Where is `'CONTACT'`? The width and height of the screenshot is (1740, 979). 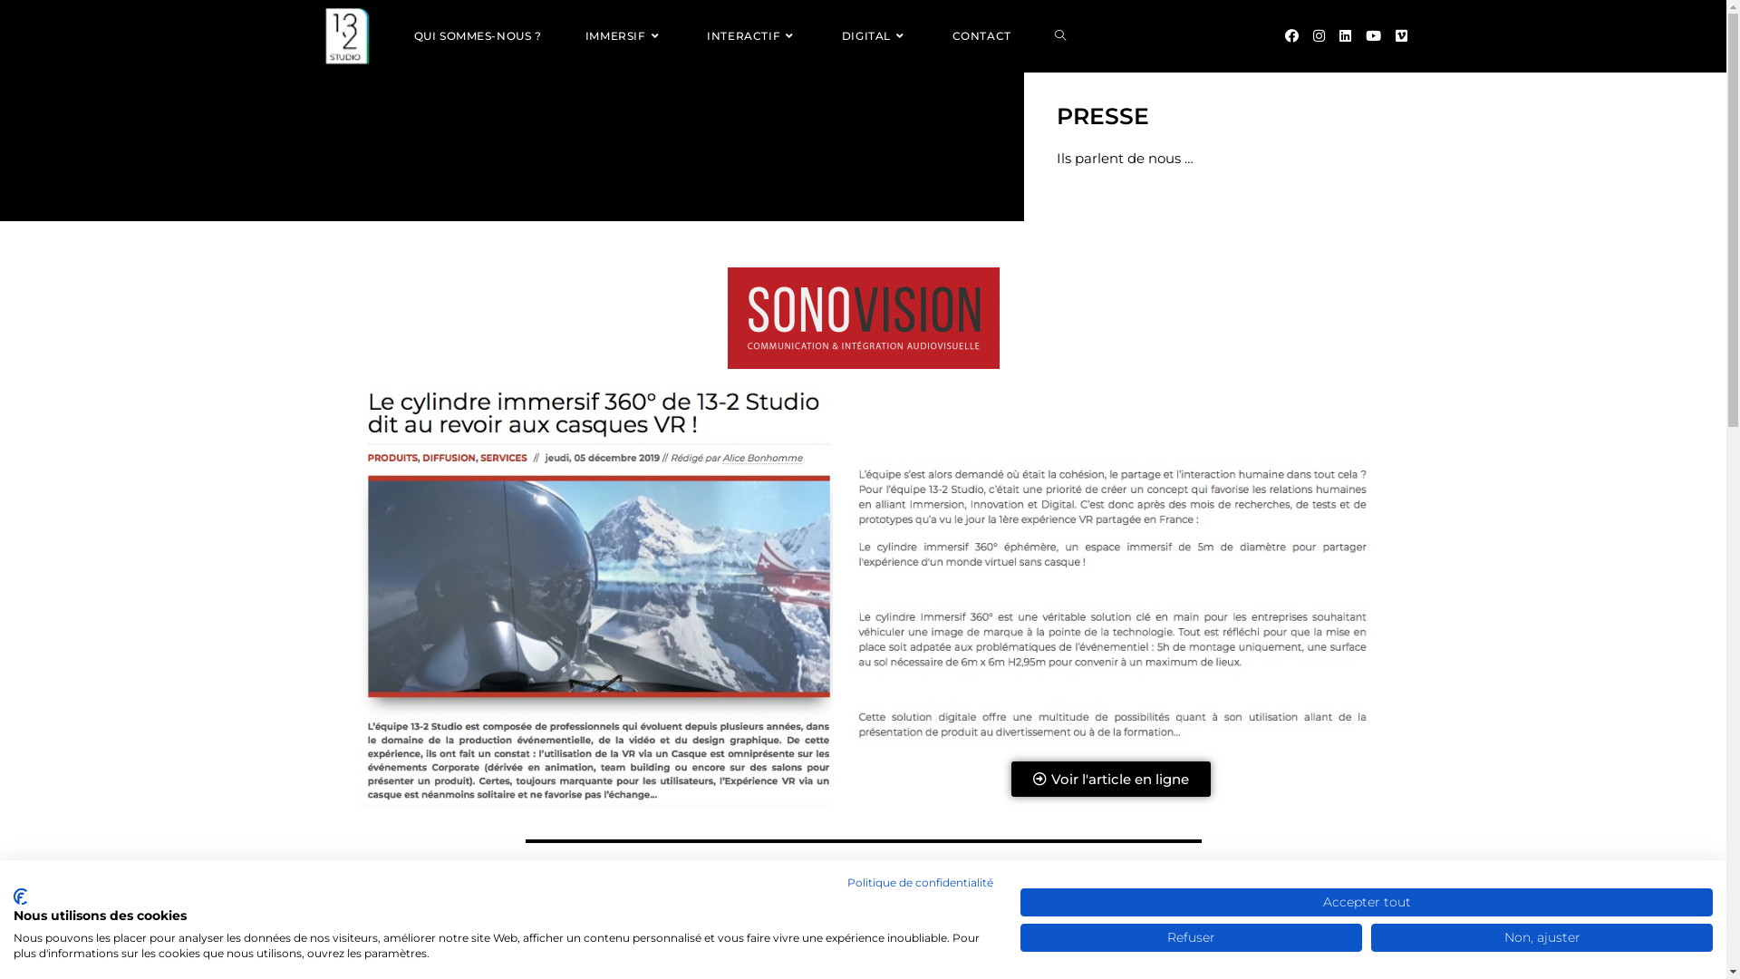
'CONTACT' is located at coordinates (981, 35).